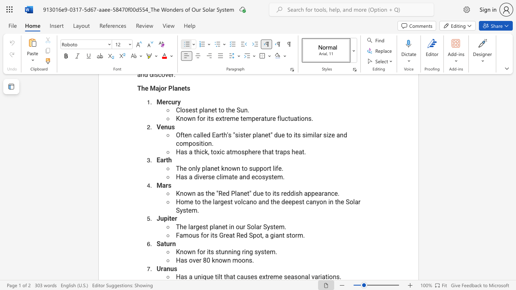 Image resolution: width=516 pixels, height=290 pixels. I want to click on the 1th character "R" in the text, so click(220, 193).